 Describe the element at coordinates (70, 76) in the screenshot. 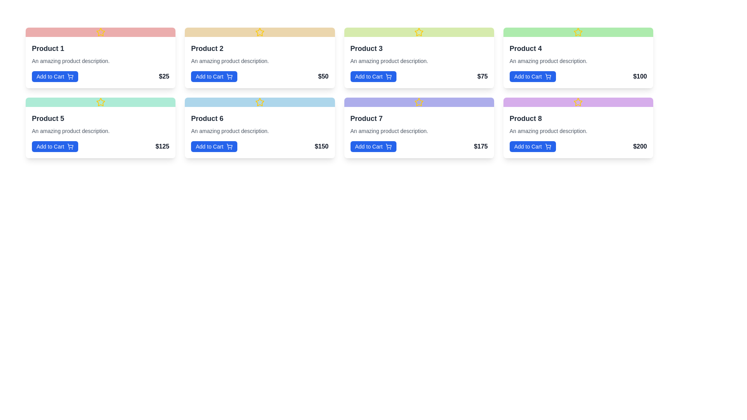

I see `the shopping cart icon located on the right side of the 'Add to Cart' button within the product card for 'Product 1'` at that location.